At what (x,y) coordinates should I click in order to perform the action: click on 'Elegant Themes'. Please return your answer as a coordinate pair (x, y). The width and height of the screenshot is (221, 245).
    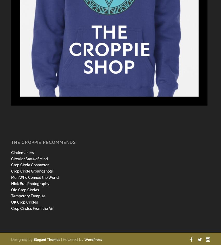
    Looking at the image, I should click on (34, 239).